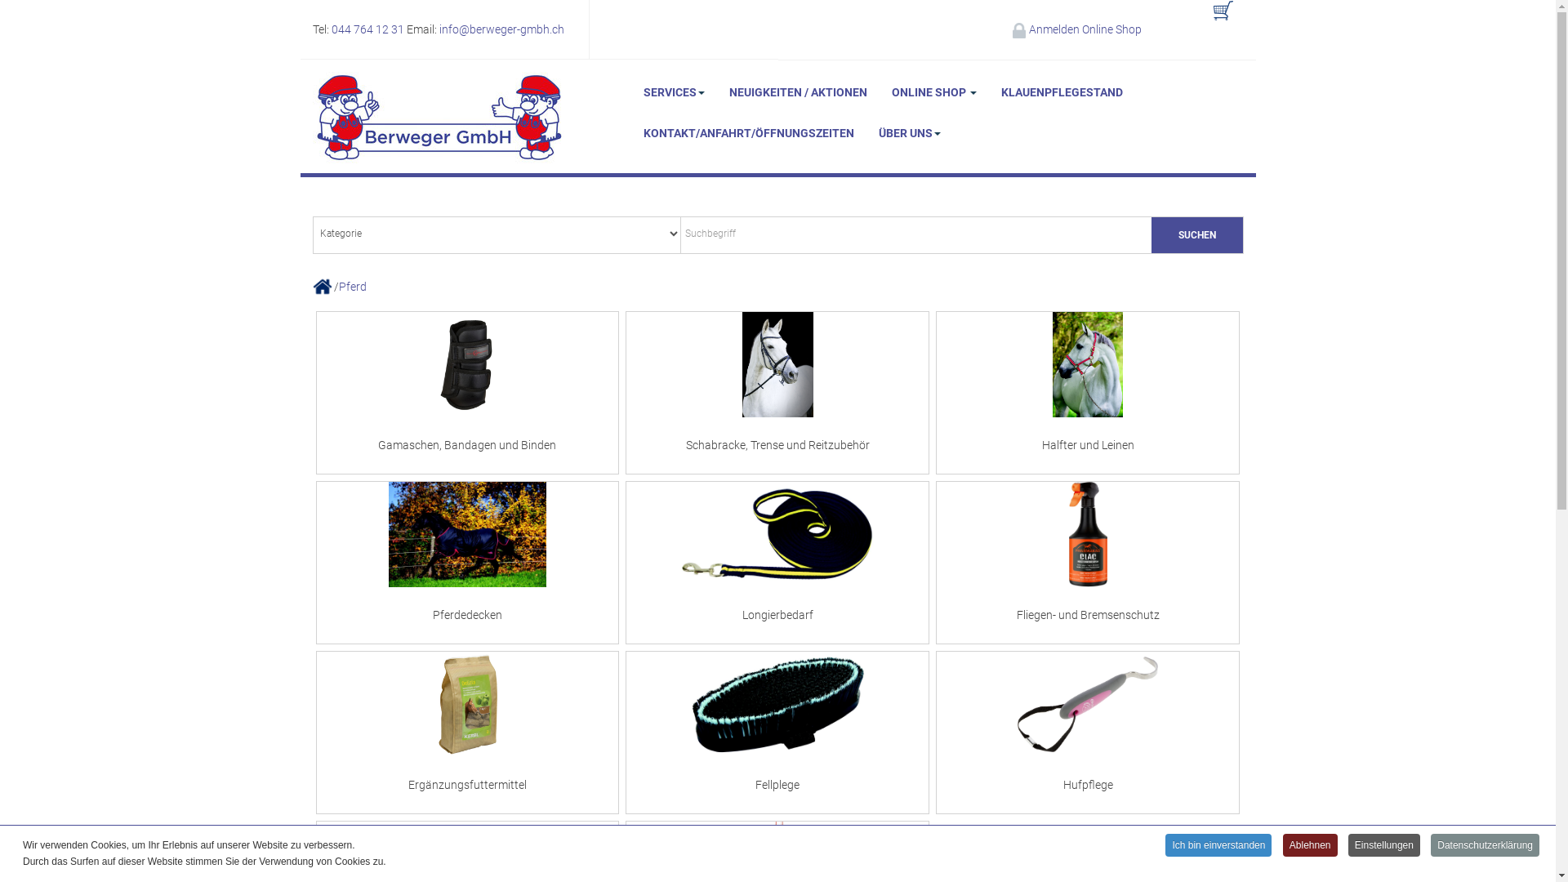  I want to click on 'Gamaschen, Bandagen und Binden', so click(465, 393).